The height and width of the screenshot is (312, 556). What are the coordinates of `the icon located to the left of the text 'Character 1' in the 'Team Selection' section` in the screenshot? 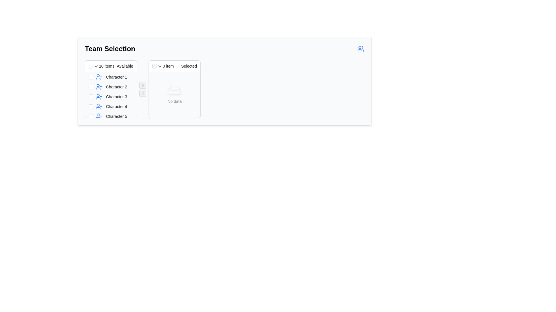 It's located at (99, 77).